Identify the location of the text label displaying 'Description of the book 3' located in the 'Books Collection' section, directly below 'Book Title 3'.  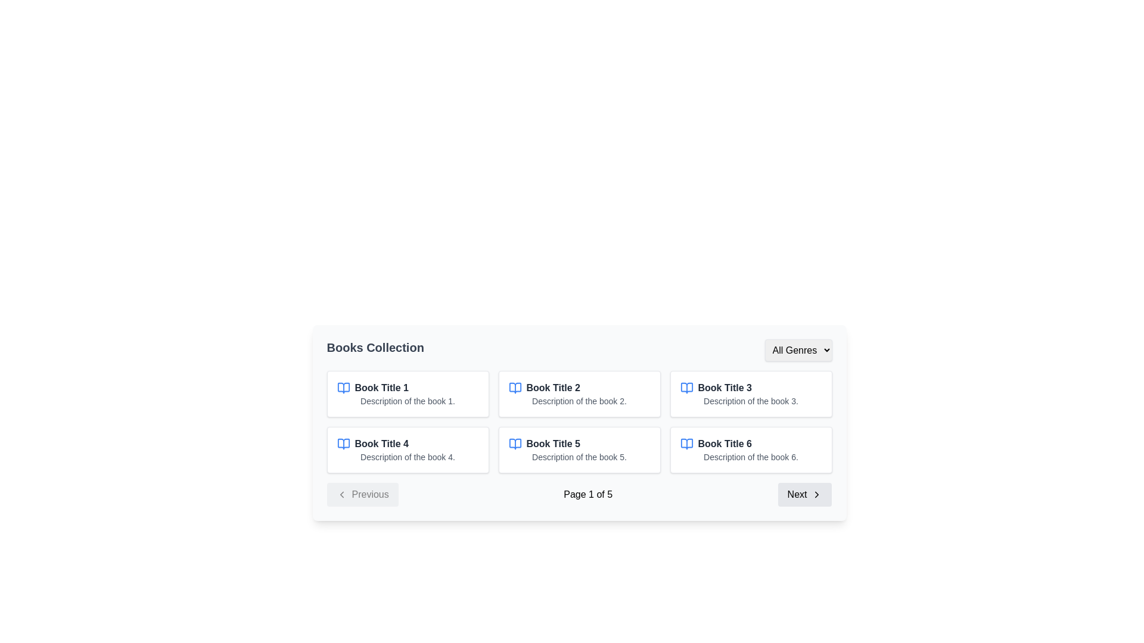
(750, 401).